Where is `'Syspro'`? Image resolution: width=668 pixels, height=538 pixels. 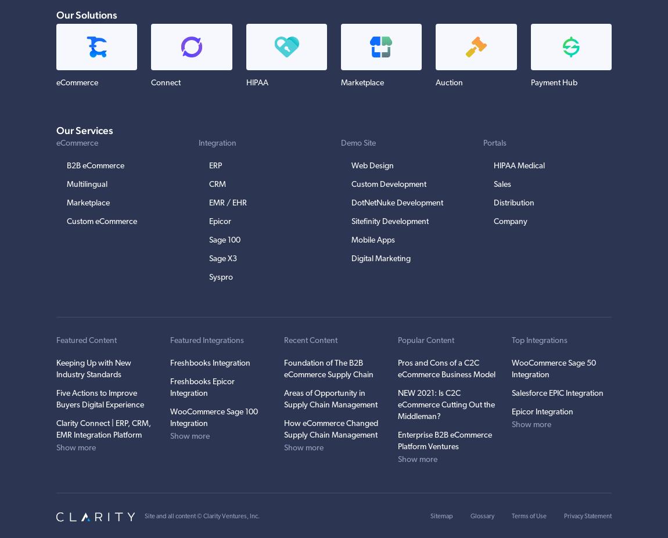
'Syspro' is located at coordinates (209, 277).